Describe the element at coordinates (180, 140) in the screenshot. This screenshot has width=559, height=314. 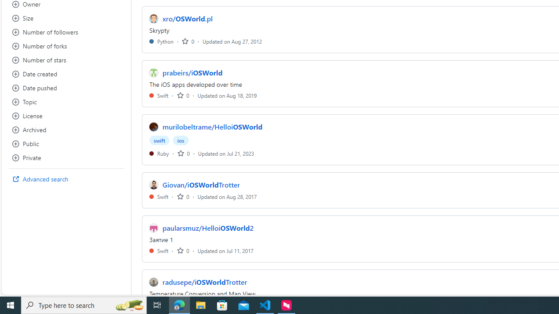
I see `'ios'` at that location.